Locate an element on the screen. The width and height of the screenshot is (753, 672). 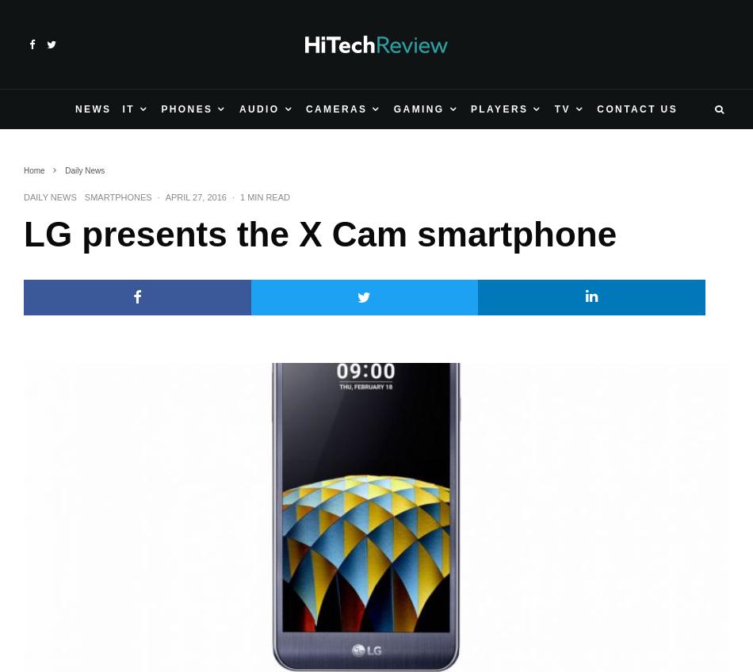
'3DS' is located at coordinates (74, 169).